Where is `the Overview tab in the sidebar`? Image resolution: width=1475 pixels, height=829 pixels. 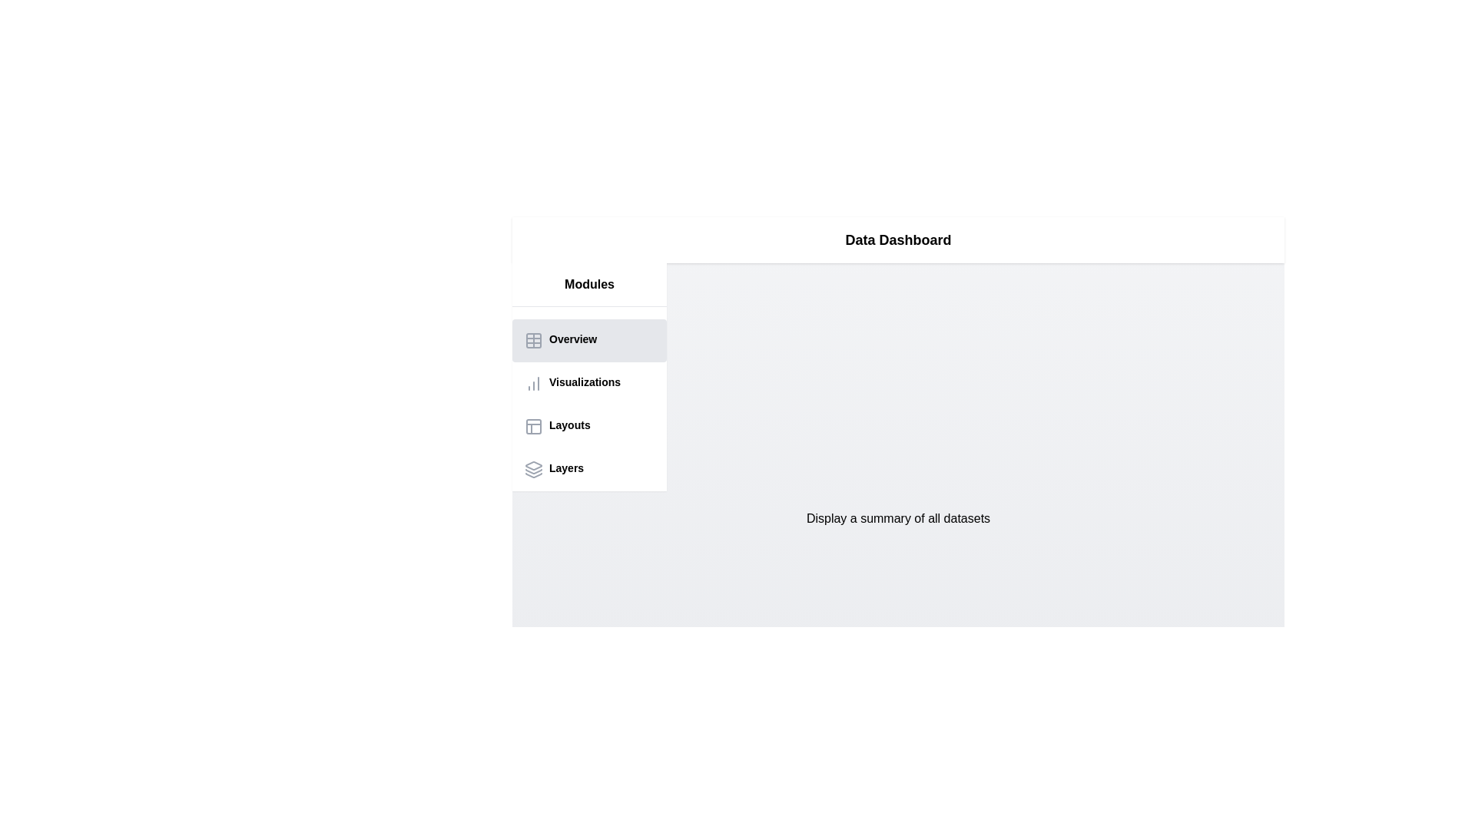 the Overview tab in the sidebar is located at coordinates (588, 339).